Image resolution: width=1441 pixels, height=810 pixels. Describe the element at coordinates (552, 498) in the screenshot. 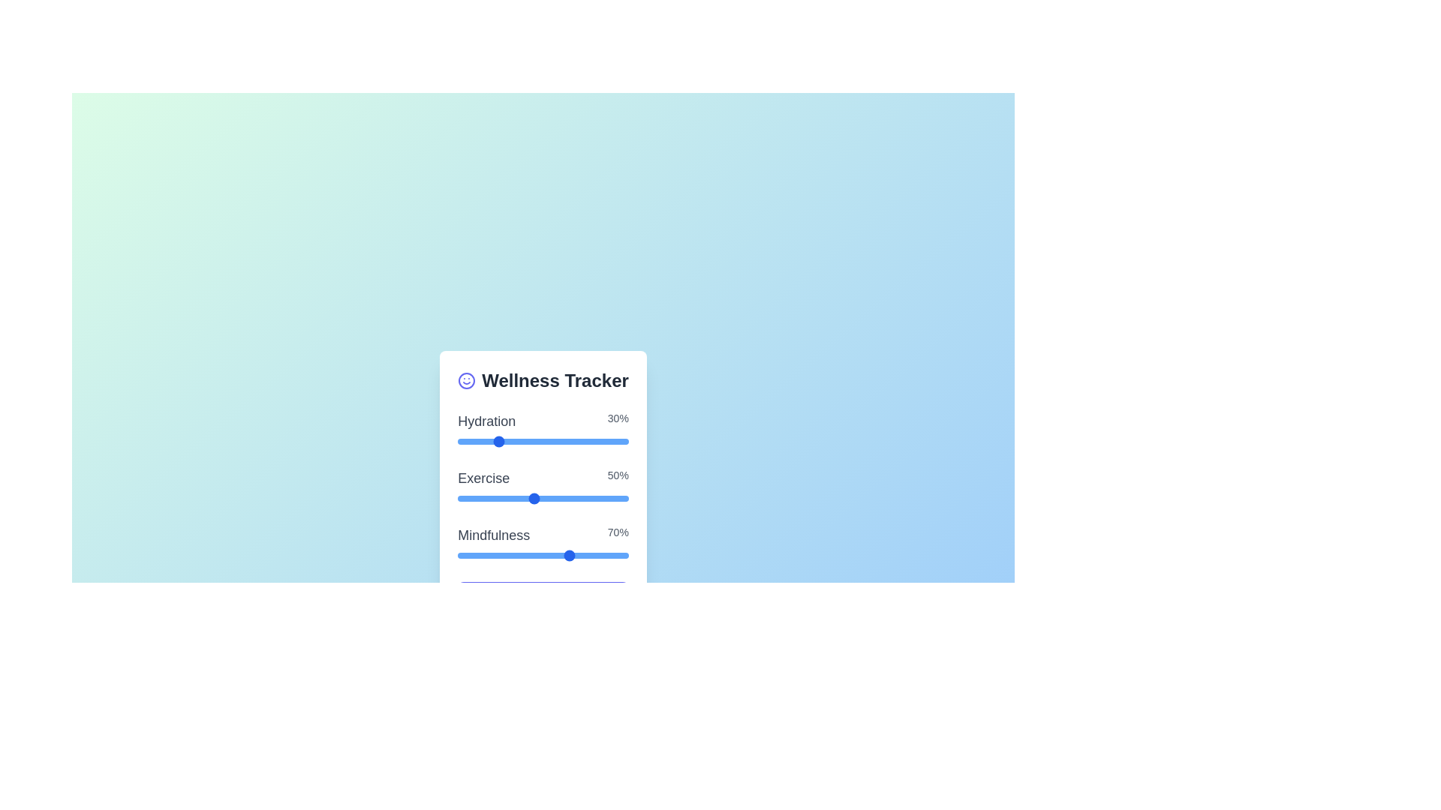

I see `the 'Exercise' slider to set its value to 6` at that location.